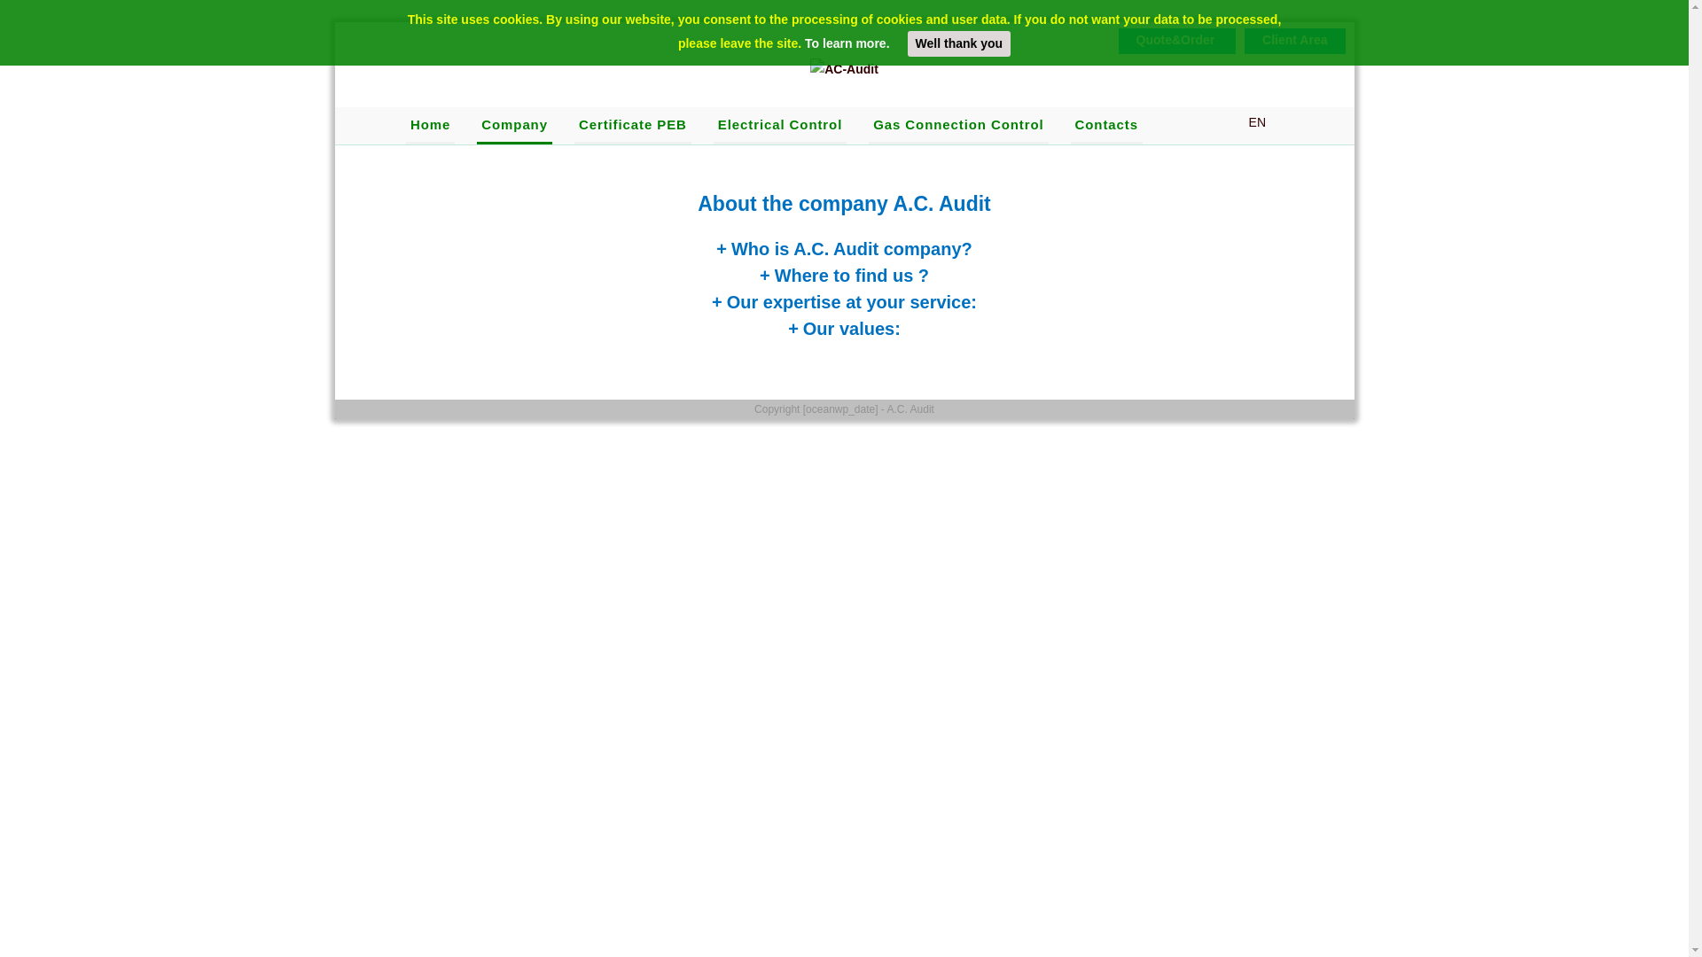  Describe the element at coordinates (779, 125) in the screenshot. I see `'Electrical Control'` at that location.